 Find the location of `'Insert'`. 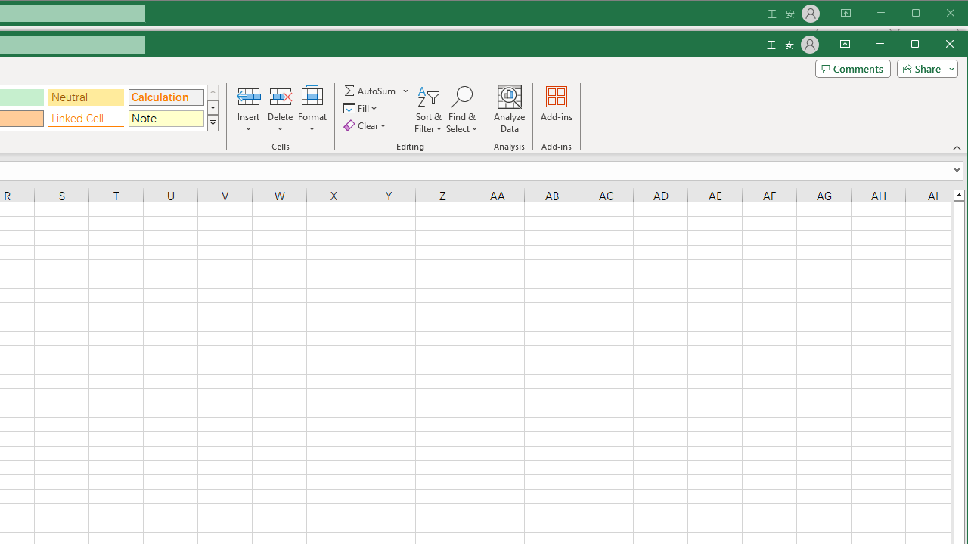

'Insert' is located at coordinates (248, 109).